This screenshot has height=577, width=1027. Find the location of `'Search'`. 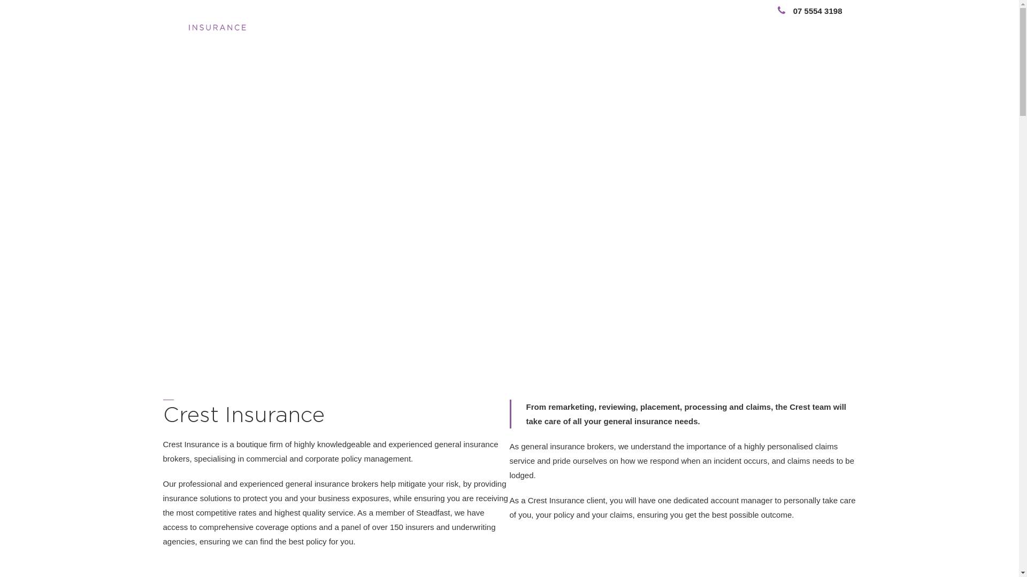

'Search' is located at coordinates (806, 24).